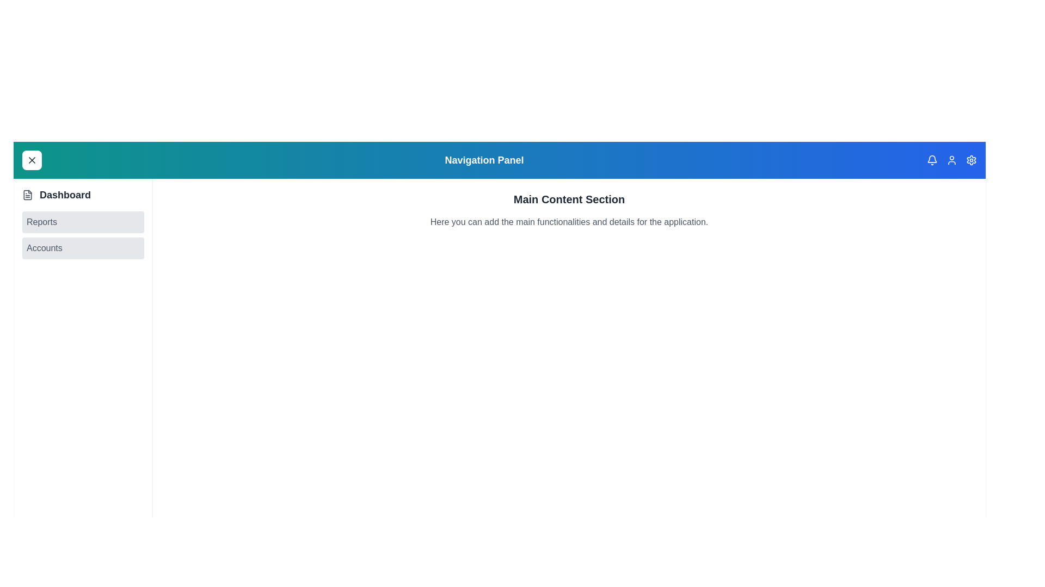  I want to click on the 'Accounts' menu item in the navigation sidebar, so click(44, 248).